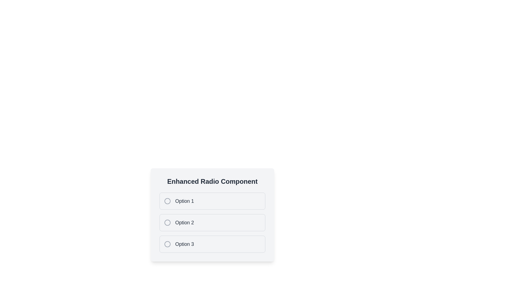  I want to click on the interactive radio option that indicates the user's preference for the second option, located in the middle of the 'Enhanced Radio Component' group, directly below 'Option 1' and above 'Option 3', so click(212, 218).